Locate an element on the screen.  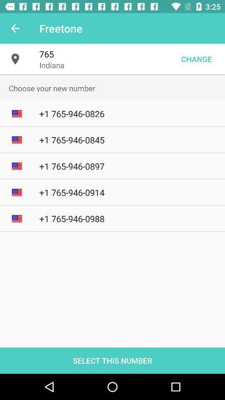
item next to the freetone is located at coordinates (15, 28).